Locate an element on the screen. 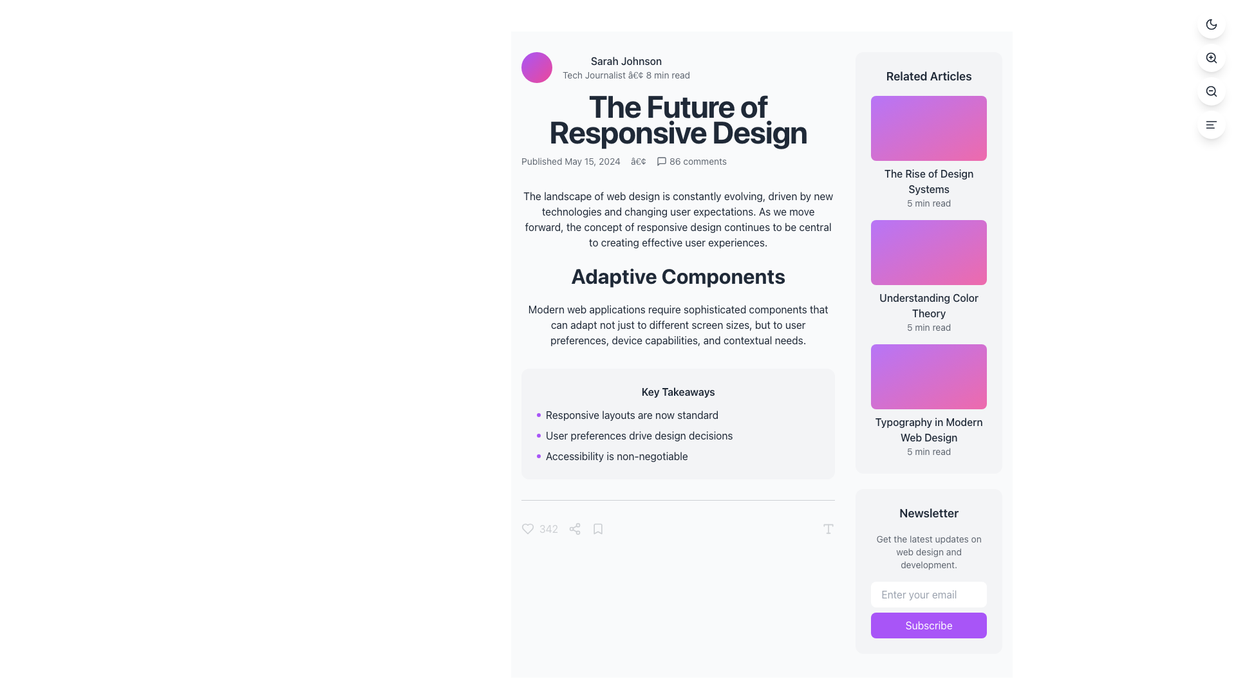 The image size is (1236, 695). the heading element, which serves as the title for the article and is located in the upper-central part of the interface, directly below the author's name and article metadata is located at coordinates (677, 119).